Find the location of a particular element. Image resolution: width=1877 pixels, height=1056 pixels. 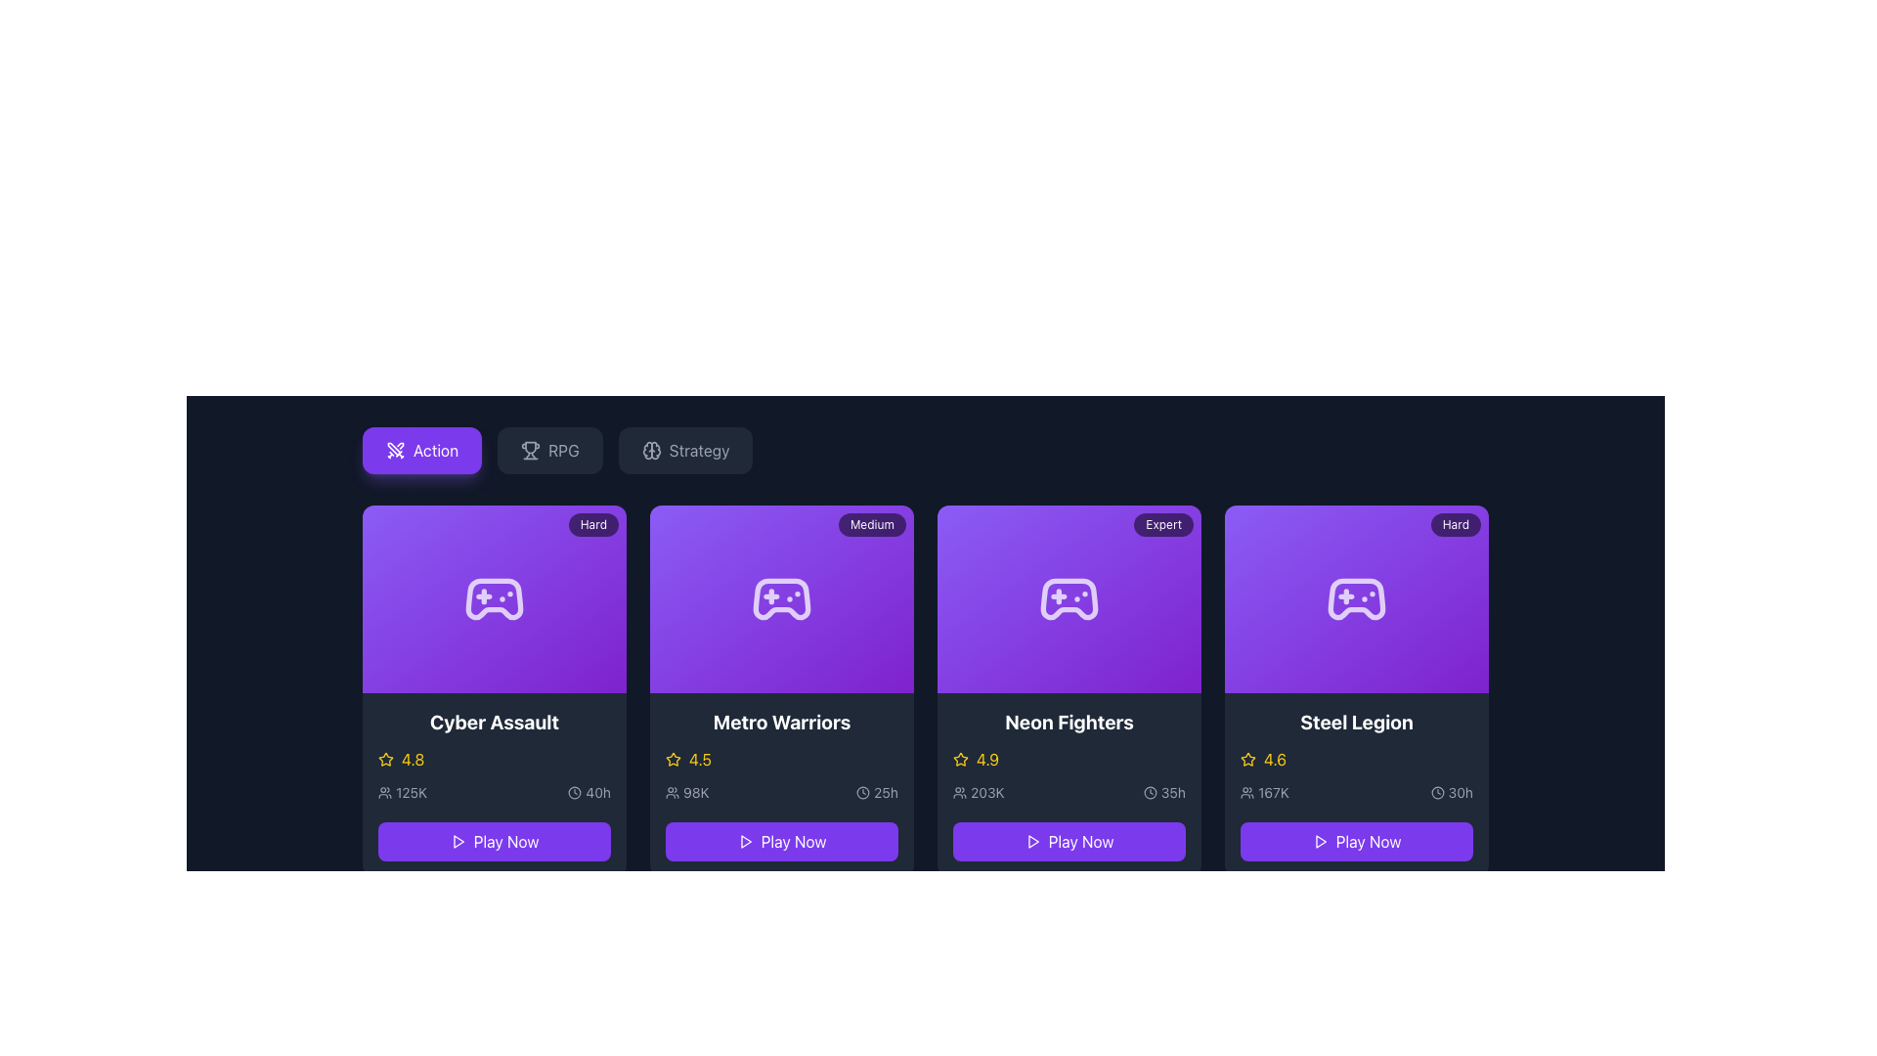

the 'Steel Legion' graphical icon, which is the last card in a series of four cards in the 'Action' category, for informational purposes is located at coordinates (1355, 598).